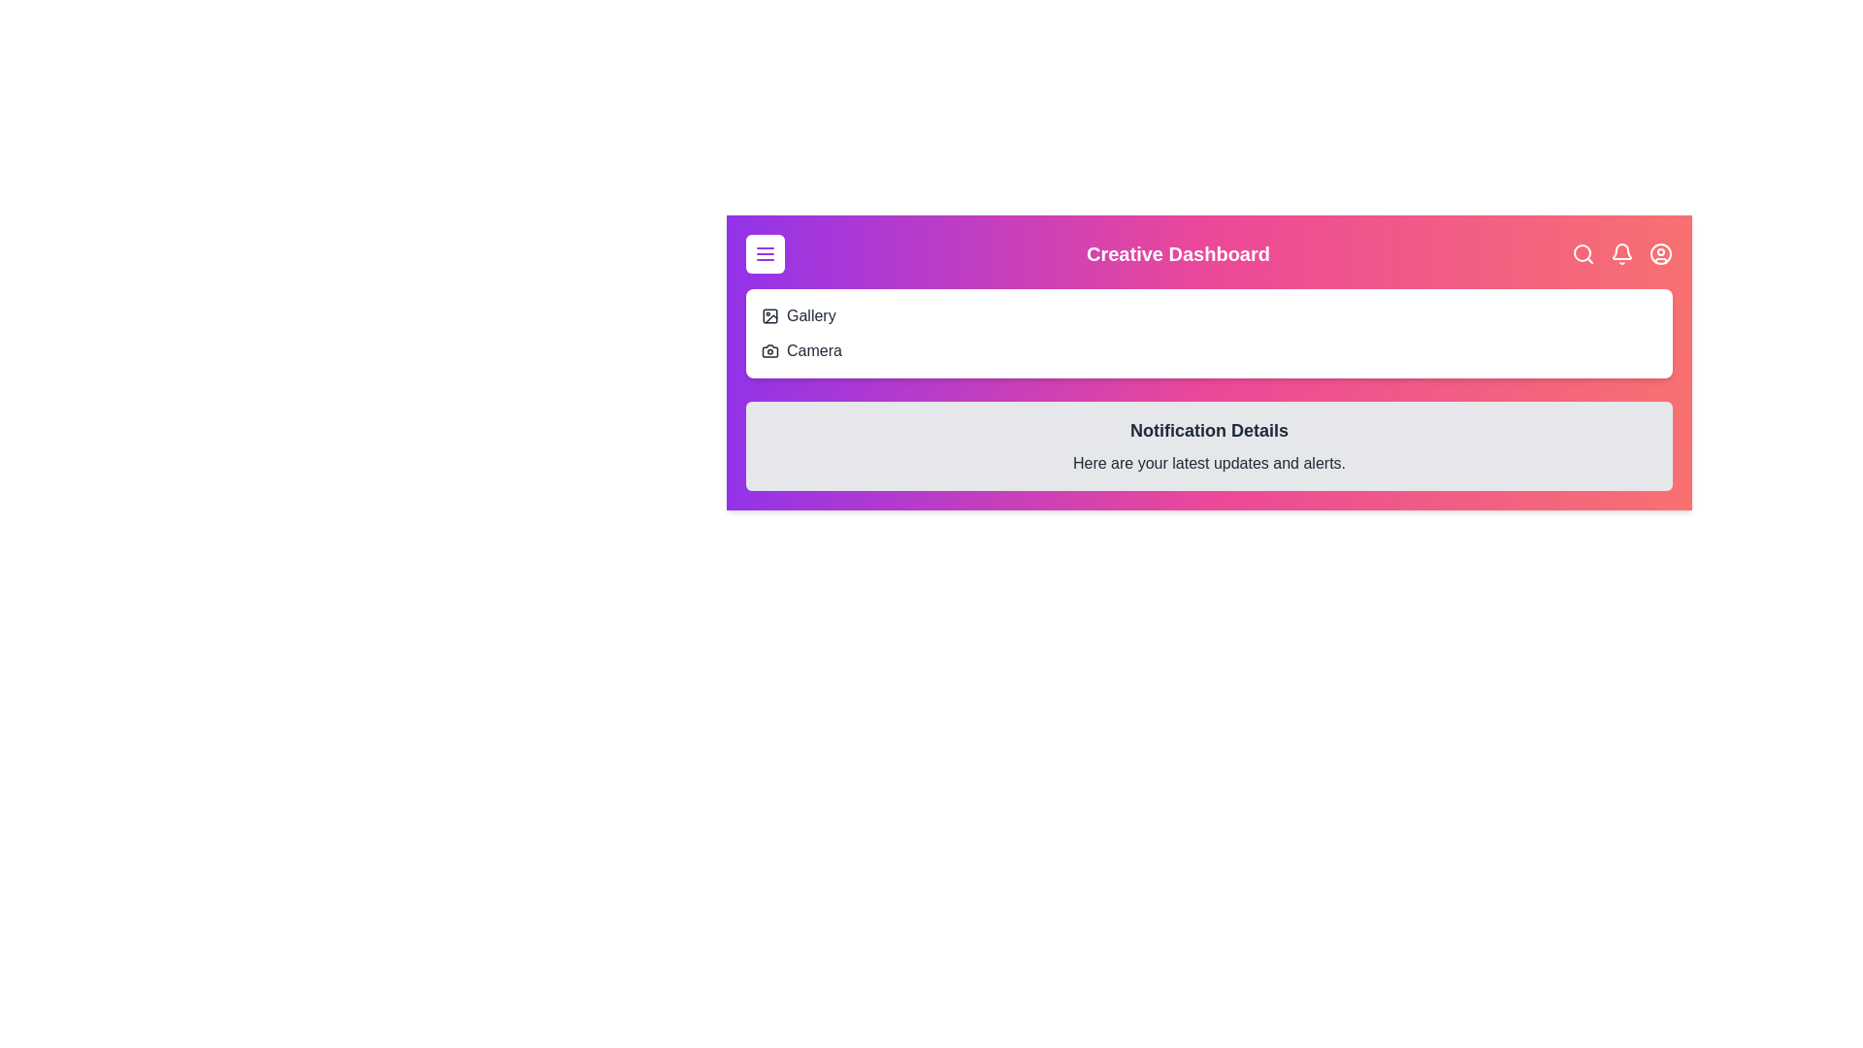 Image resolution: width=1863 pixels, height=1048 pixels. Describe the element at coordinates (1584, 253) in the screenshot. I see `the search button to initiate a search action` at that location.